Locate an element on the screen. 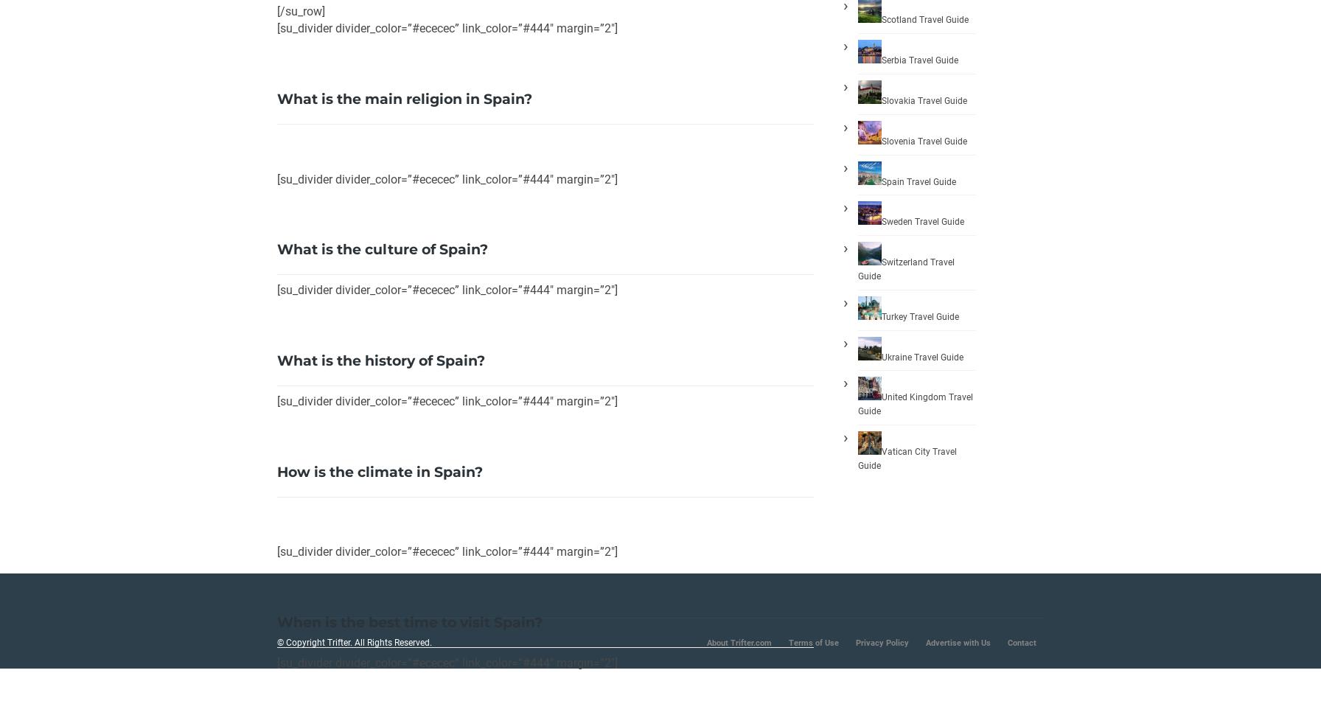 Image resolution: width=1321 pixels, height=701 pixels. 'Terms of Use' is located at coordinates (814, 641).